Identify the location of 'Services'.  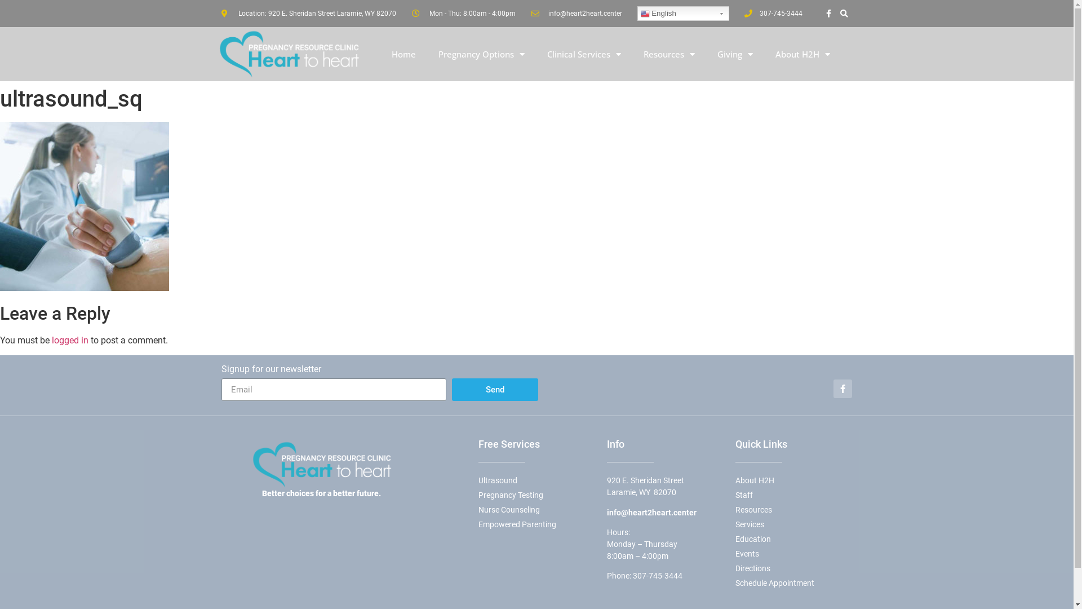
(735, 524).